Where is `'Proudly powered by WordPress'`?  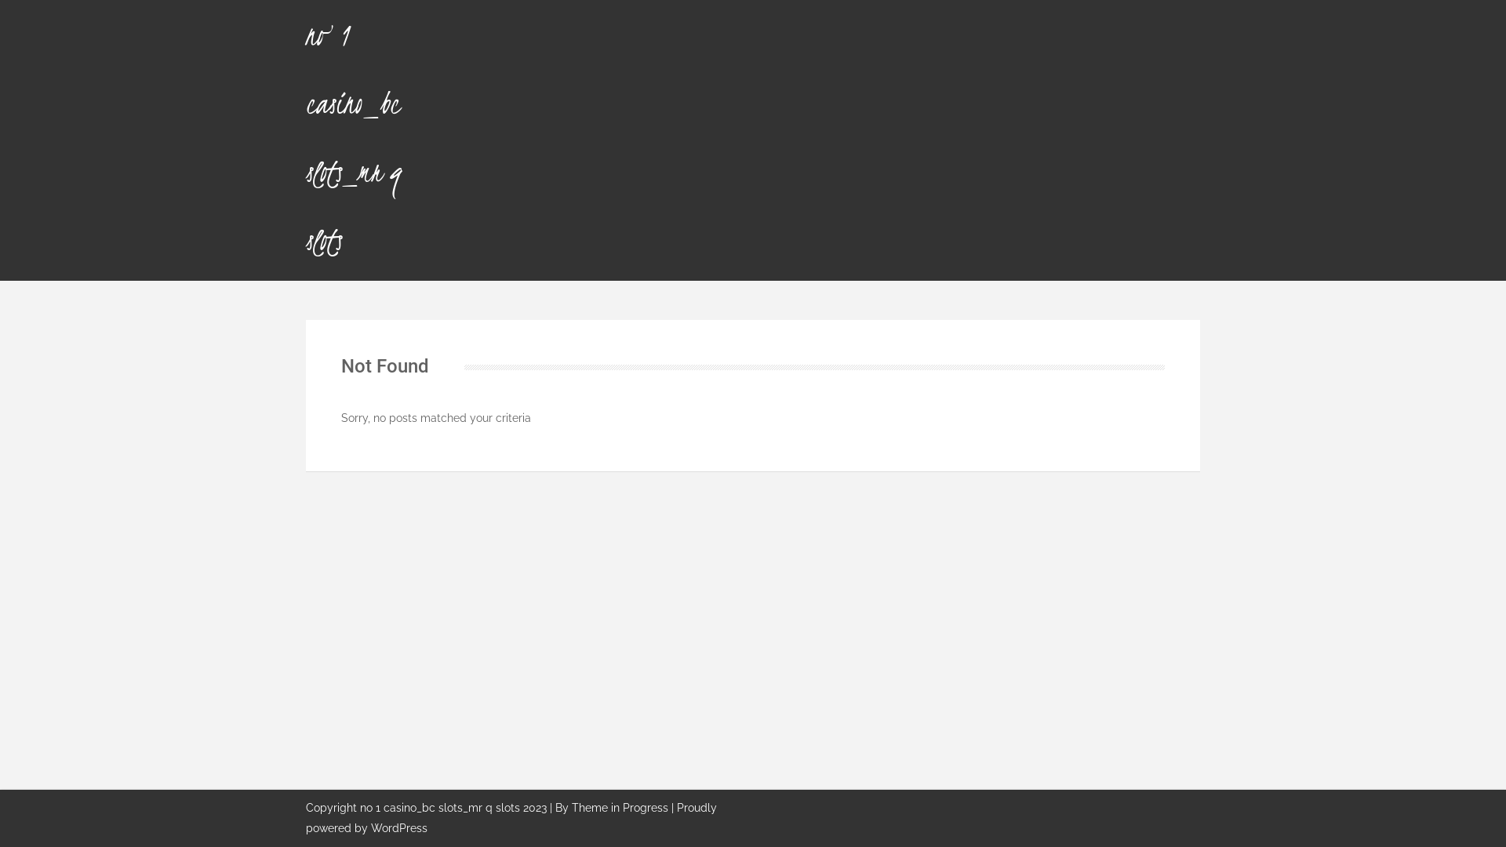 'Proudly powered by WordPress' is located at coordinates (511, 817).